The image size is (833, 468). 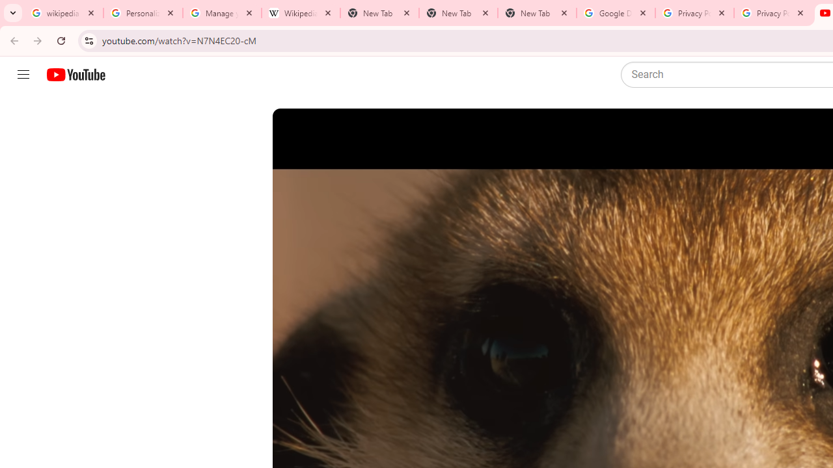 What do you see at coordinates (222, 13) in the screenshot?
I see `'Manage your Location History - Google Search Help'` at bounding box center [222, 13].